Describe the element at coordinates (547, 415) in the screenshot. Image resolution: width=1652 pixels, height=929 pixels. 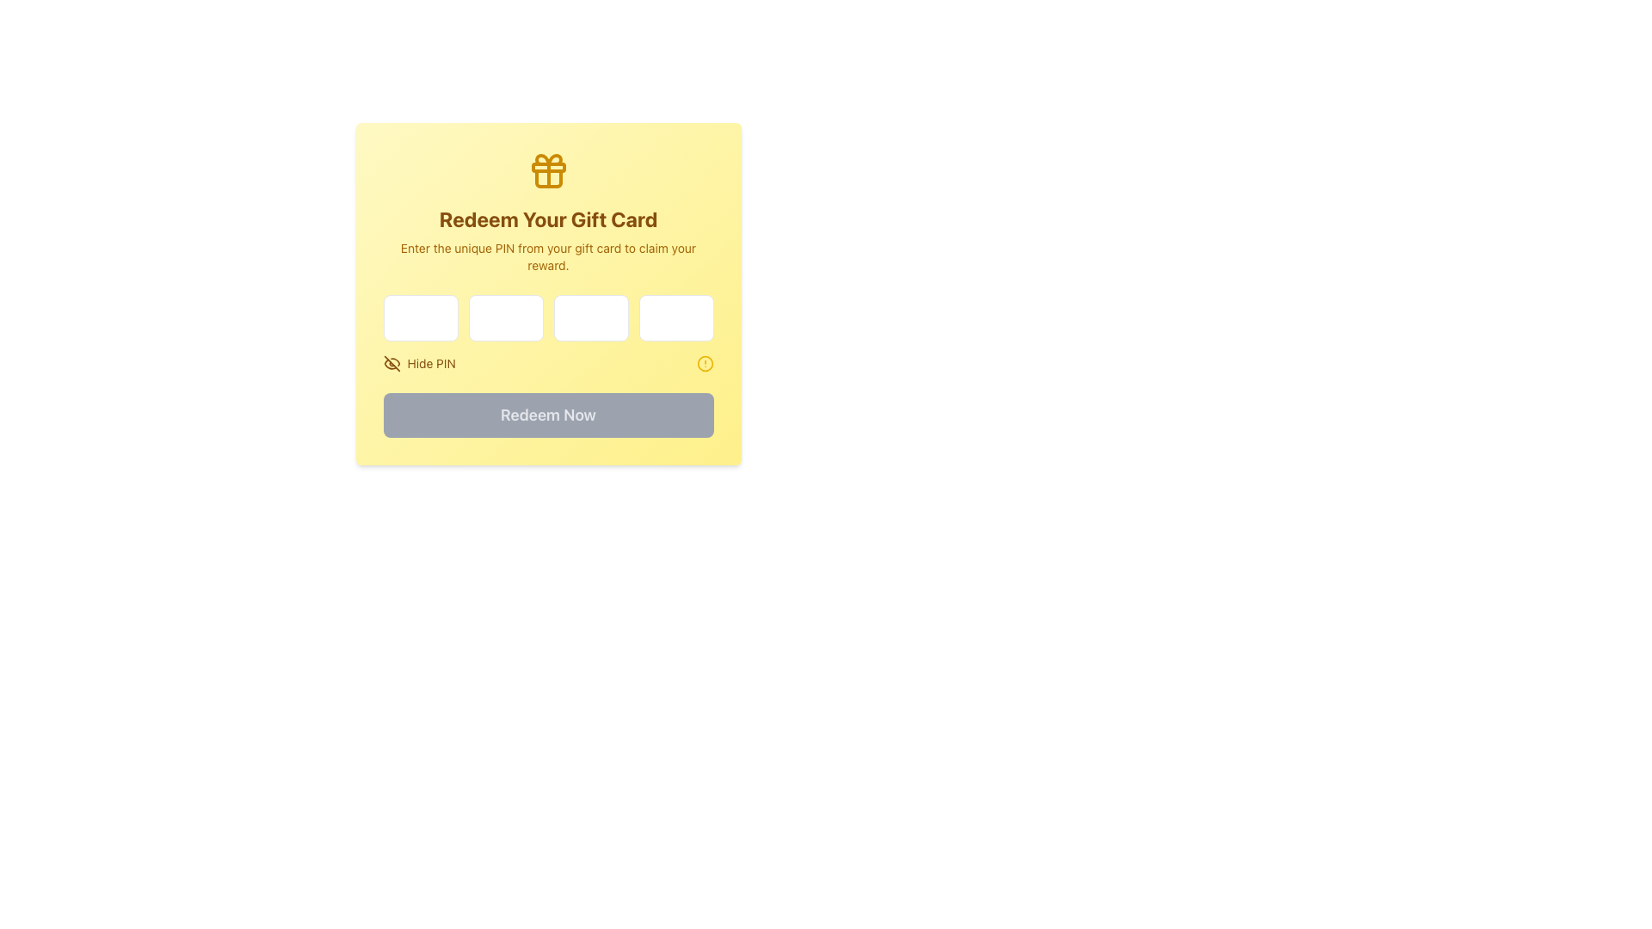
I see `the disabled gift card redemption button located at the bottom of the card section with a yellow gradient background, which contains the title 'Redeem Your Gift Card'` at that location.